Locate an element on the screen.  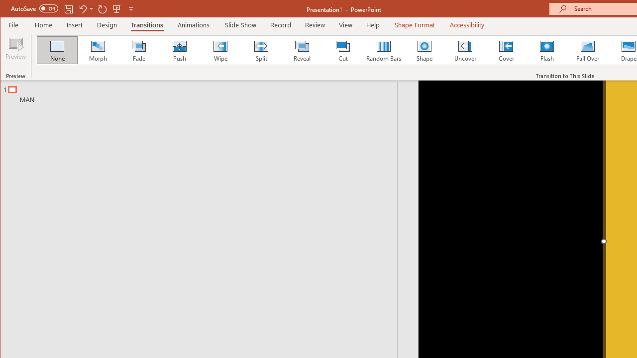
'From Beginning' is located at coordinates (117, 8).